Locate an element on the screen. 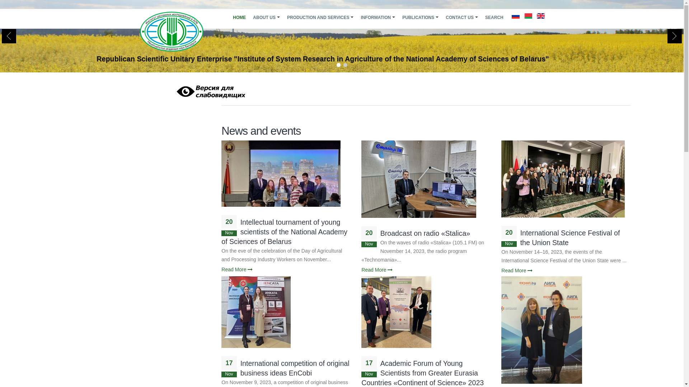 Image resolution: width=689 pixels, height=387 pixels. 'ABOUT US' is located at coordinates (266, 17).